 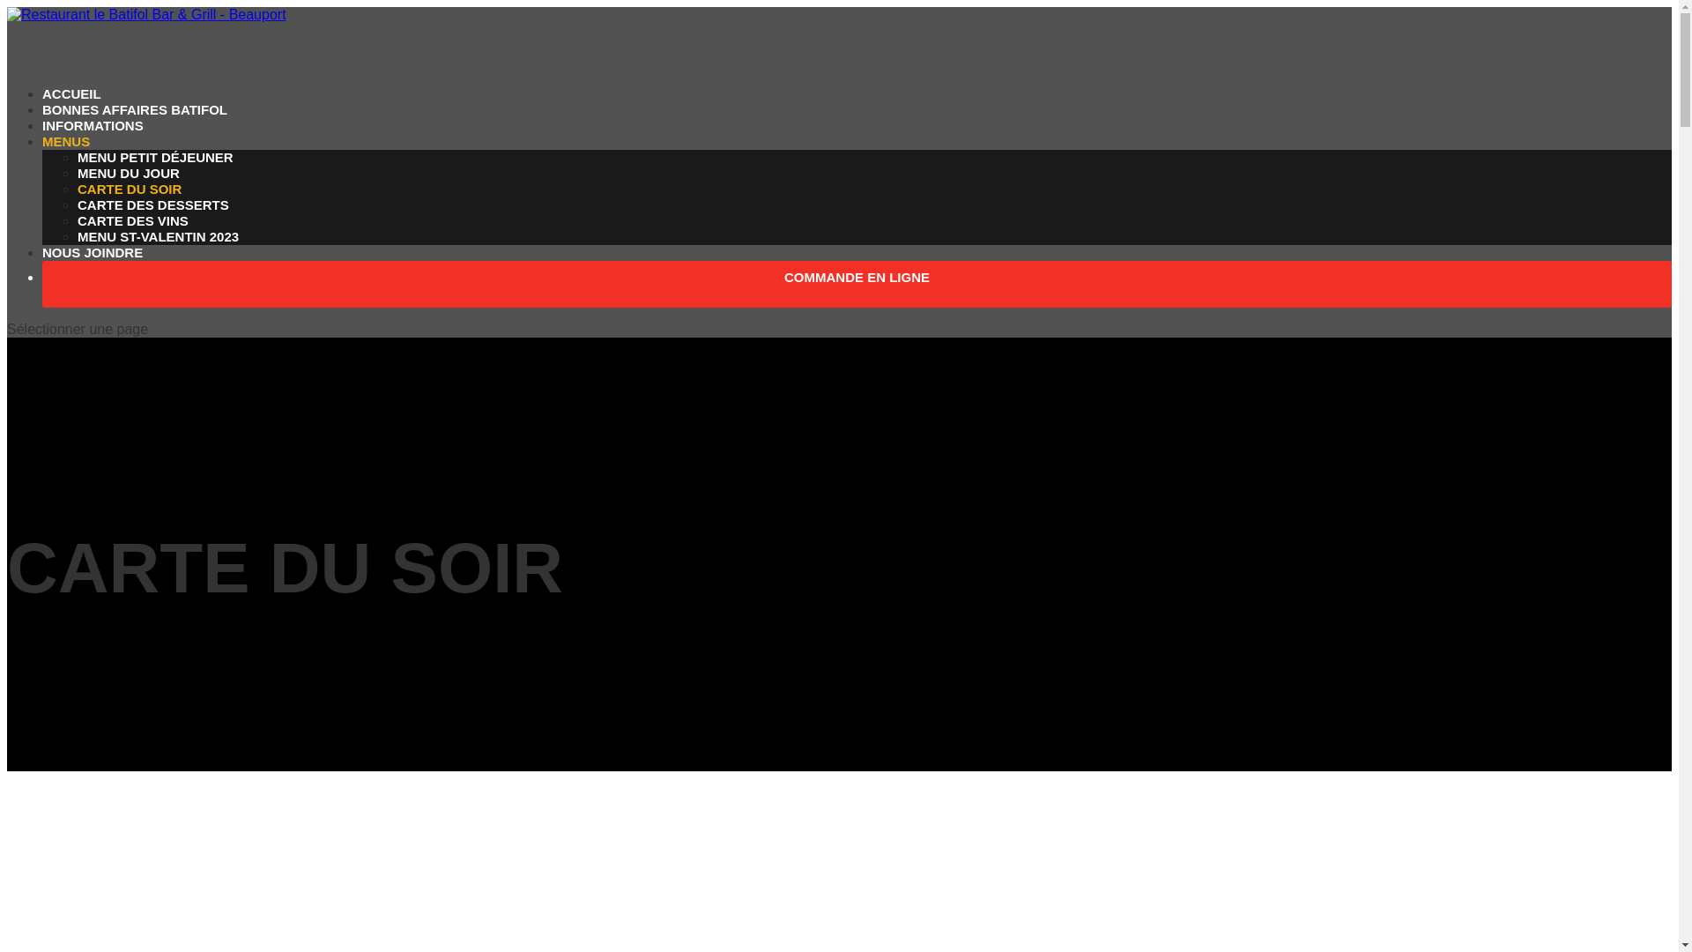 I want to click on 'MENU DU JOUR', so click(x=127, y=173).